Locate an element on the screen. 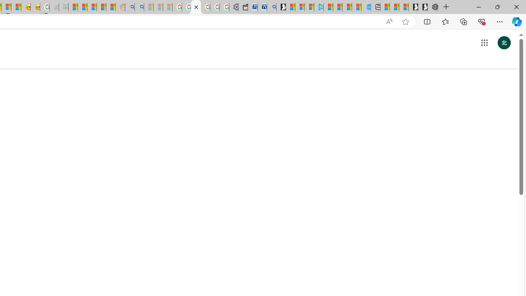  'Student Loan Update: Forgiveness Program Ends This Month' is located at coordinates (101, 7).